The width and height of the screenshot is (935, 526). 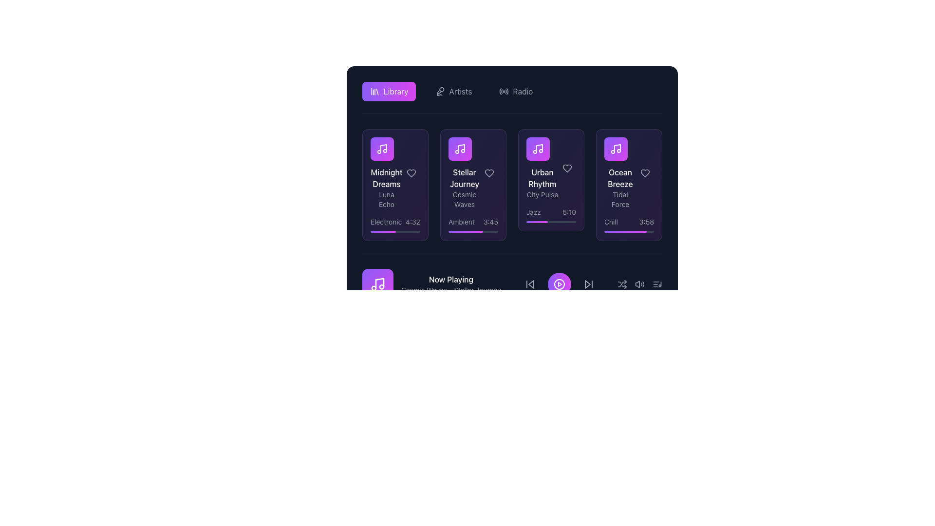 I want to click on the music note icon with a pink-to-violet gradient background, located at the top center of the 'Ocean Breeze' card, so click(x=616, y=149).